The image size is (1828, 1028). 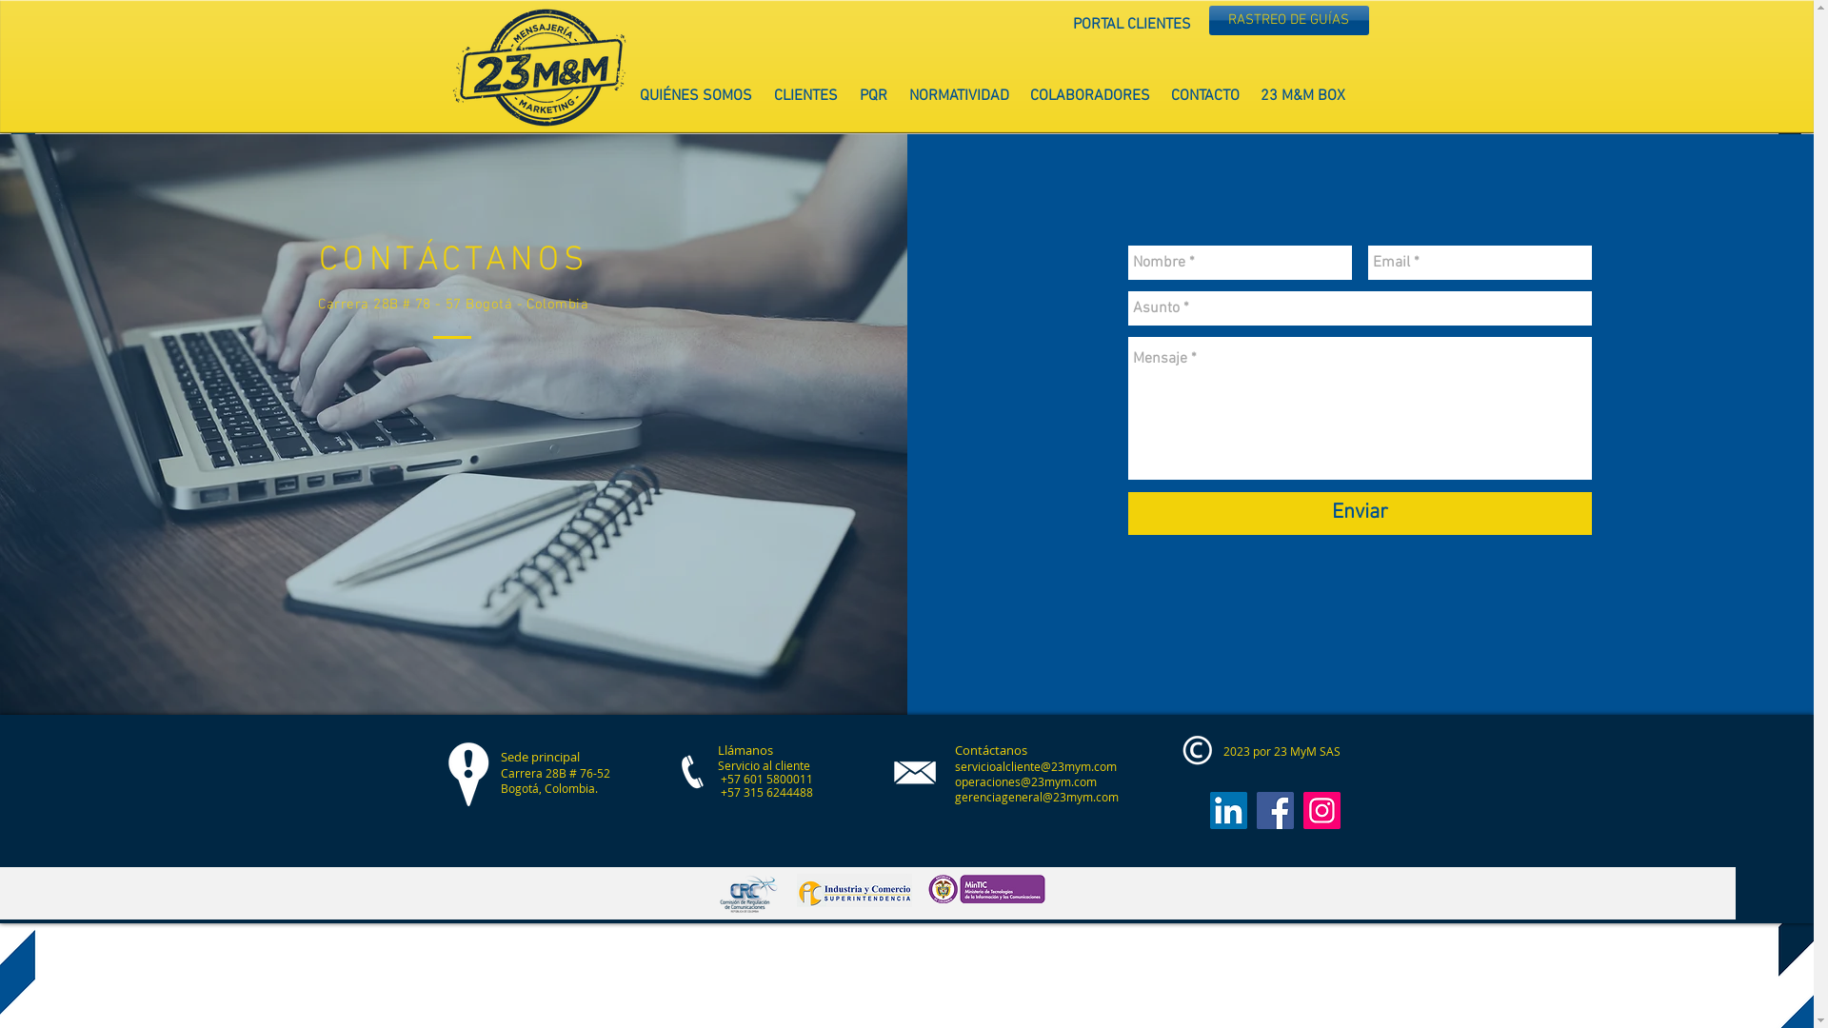 I want to click on 'servicioalcliente@23mym.com', so click(x=954, y=765).